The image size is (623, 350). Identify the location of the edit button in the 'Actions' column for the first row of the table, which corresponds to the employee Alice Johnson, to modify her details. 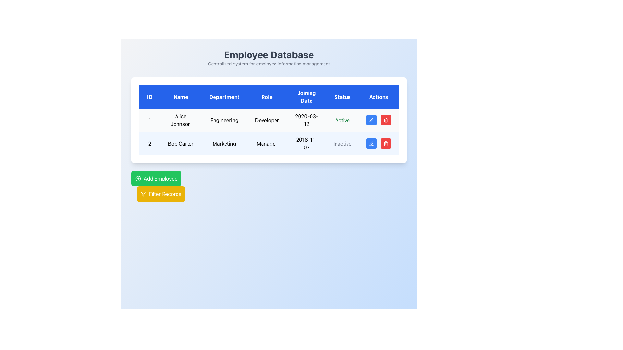
(371, 120).